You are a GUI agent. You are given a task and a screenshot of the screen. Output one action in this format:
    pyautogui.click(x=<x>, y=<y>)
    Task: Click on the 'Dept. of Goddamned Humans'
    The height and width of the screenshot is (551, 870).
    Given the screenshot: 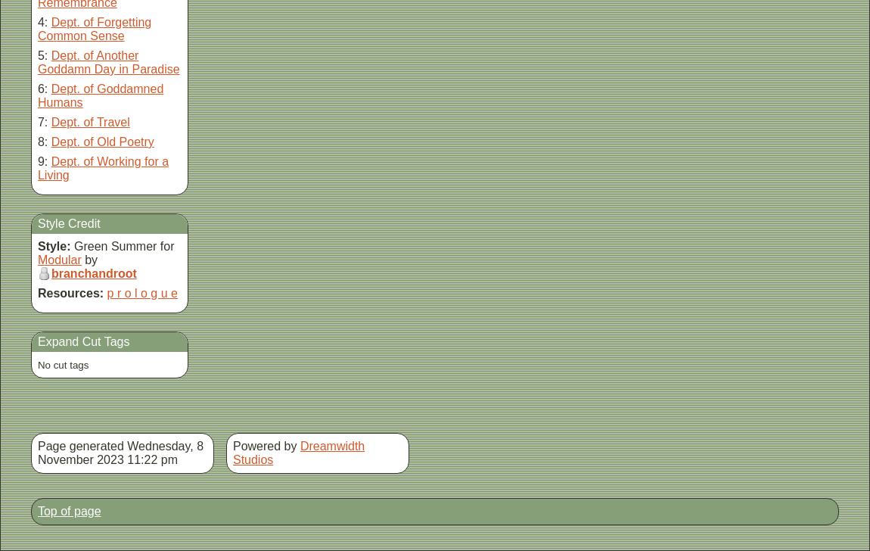 What is the action you would take?
    pyautogui.click(x=99, y=95)
    